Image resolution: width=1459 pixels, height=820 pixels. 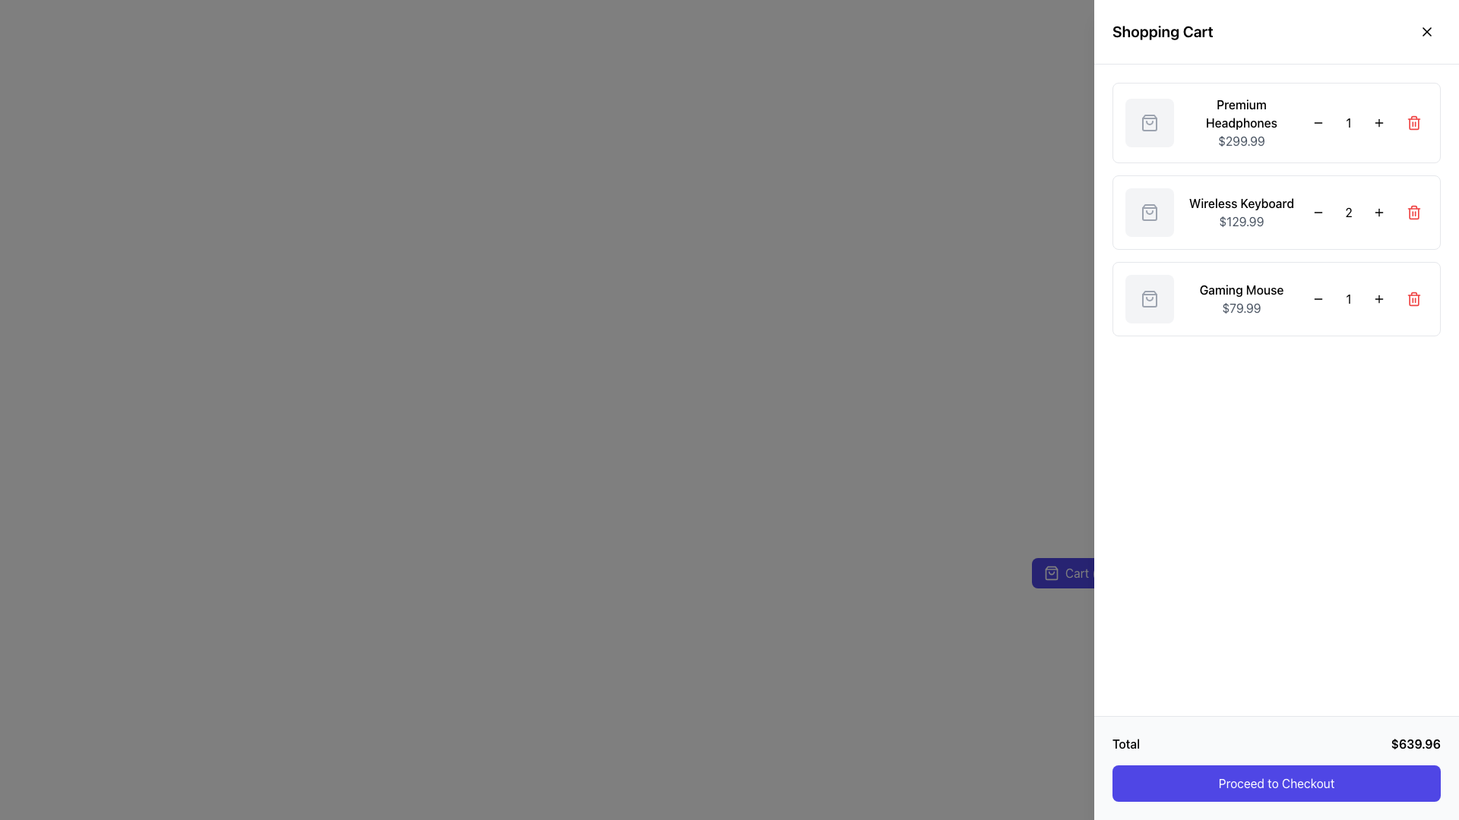 What do you see at coordinates (1349, 213) in the screenshot?
I see `the text label indicating the quantity of the Wireless Keyboard in the shopping cart, which is centrally located between the increment and decrement buttons` at bounding box center [1349, 213].